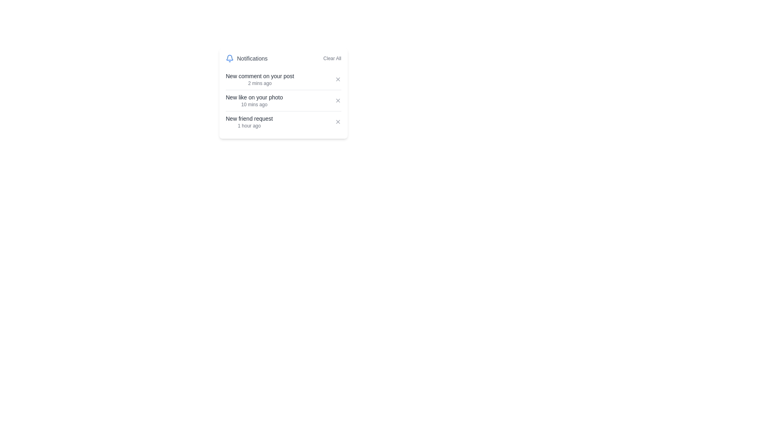 The image size is (770, 433). Describe the element at coordinates (283, 100) in the screenshot. I see `the timestamp '10 mins ago' in the notification about a 'New like on your photo'` at that location.